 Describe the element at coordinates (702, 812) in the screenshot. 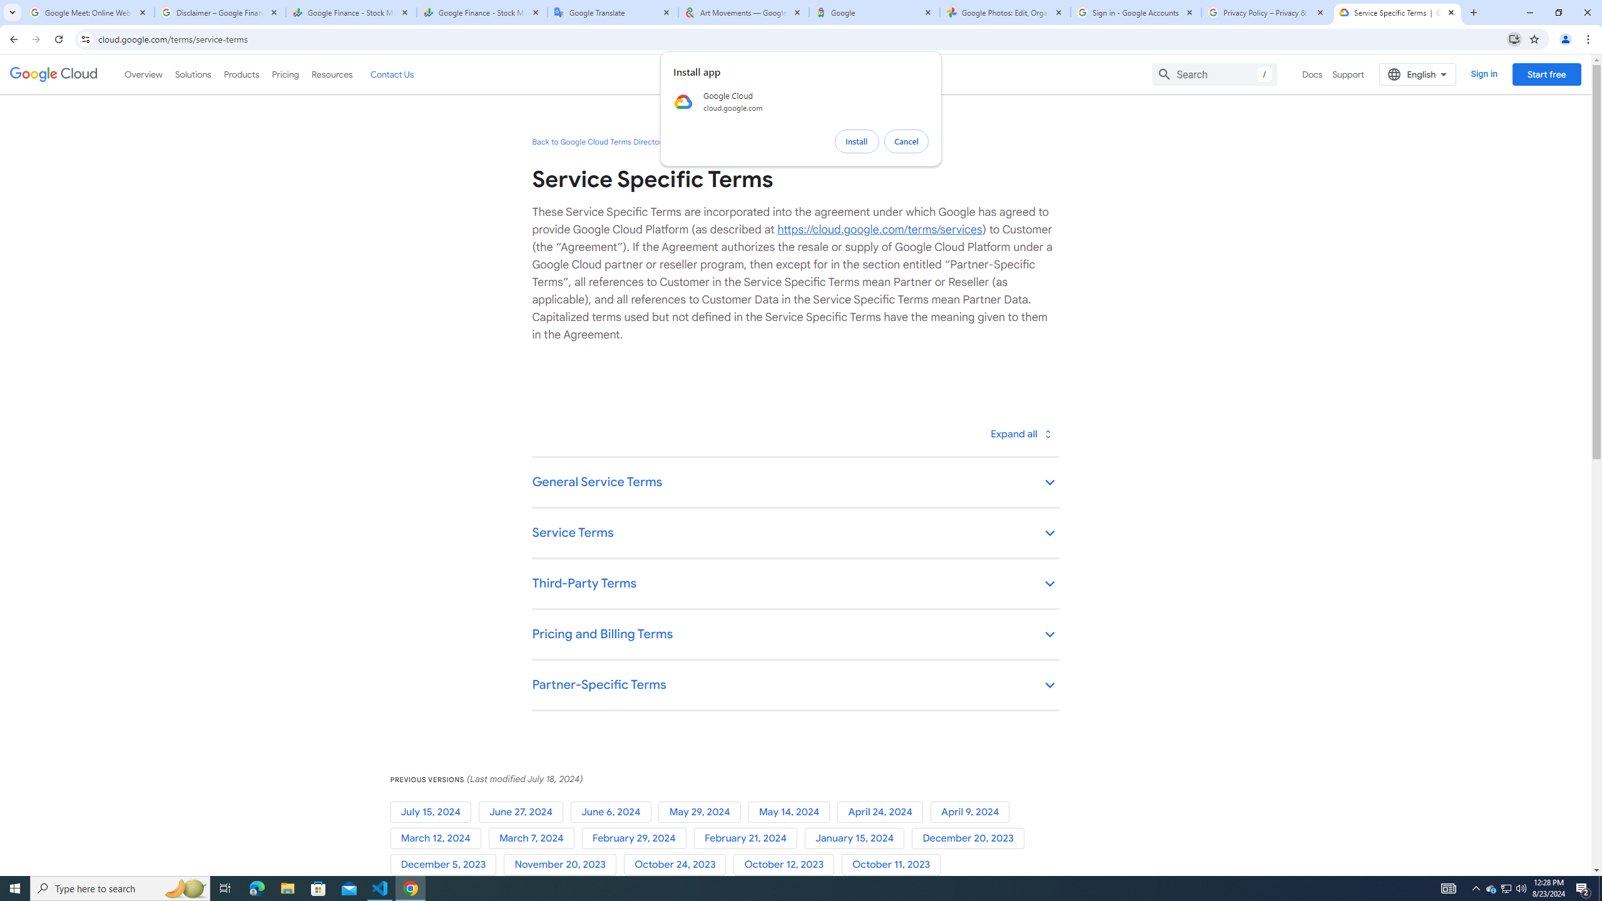

I see `'May 29, 2024'` at that location.